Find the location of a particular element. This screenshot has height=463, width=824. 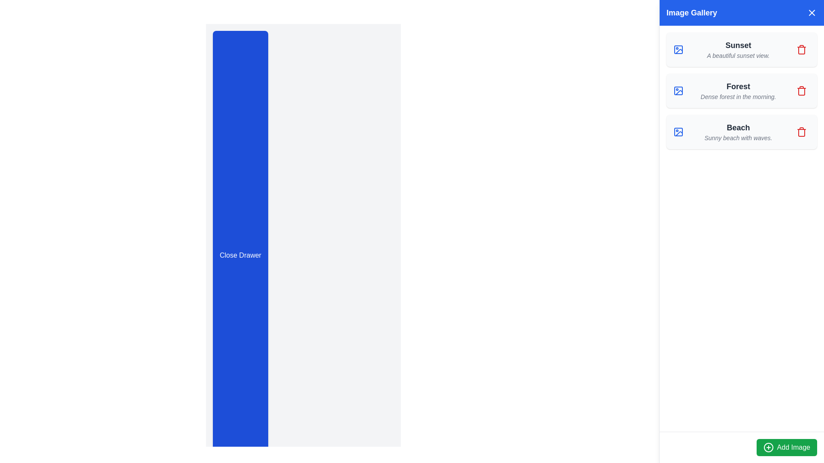

the Text label that provides additional context for the image labeled 'Beach', which is positioned below the 'Beach' element in the 'Image Gallery' sidebar is located at coordinates (738, 137).